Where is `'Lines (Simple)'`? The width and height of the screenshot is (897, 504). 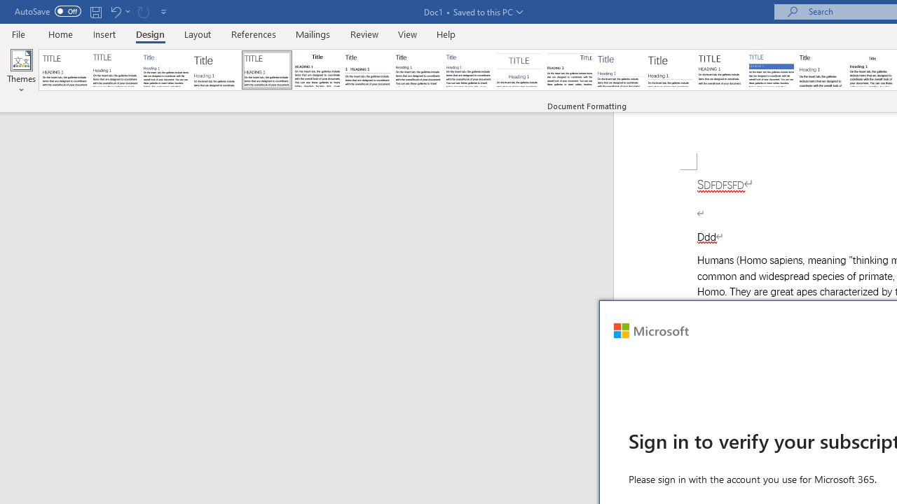
'Lines (Simple)' is located at coordinates (619, 70).